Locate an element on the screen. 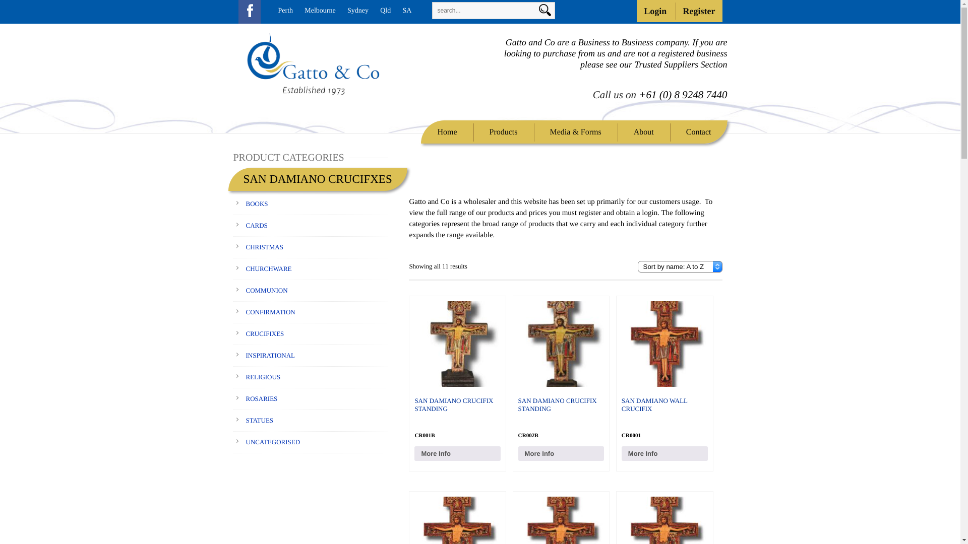 The image size is (968, 544). '+61 (0) 8 9248 7440' is located at coordinates (683, 95).